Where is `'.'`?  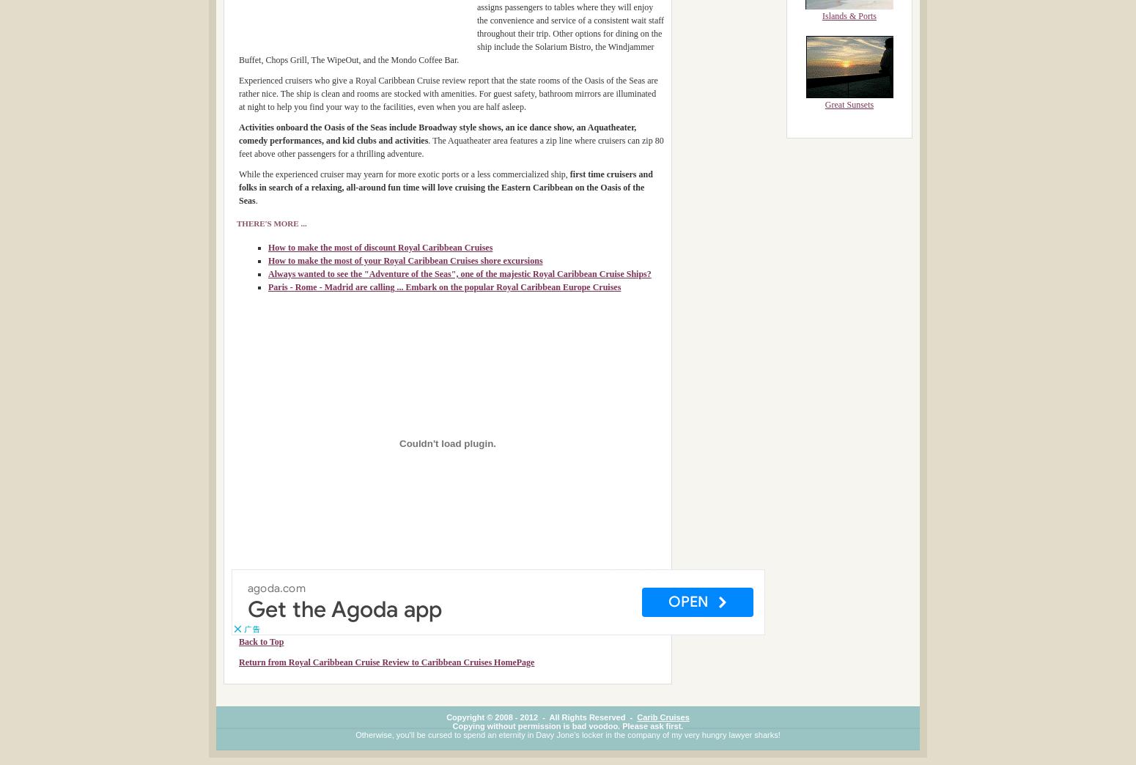 '.' is located at coordinates (257, 200).